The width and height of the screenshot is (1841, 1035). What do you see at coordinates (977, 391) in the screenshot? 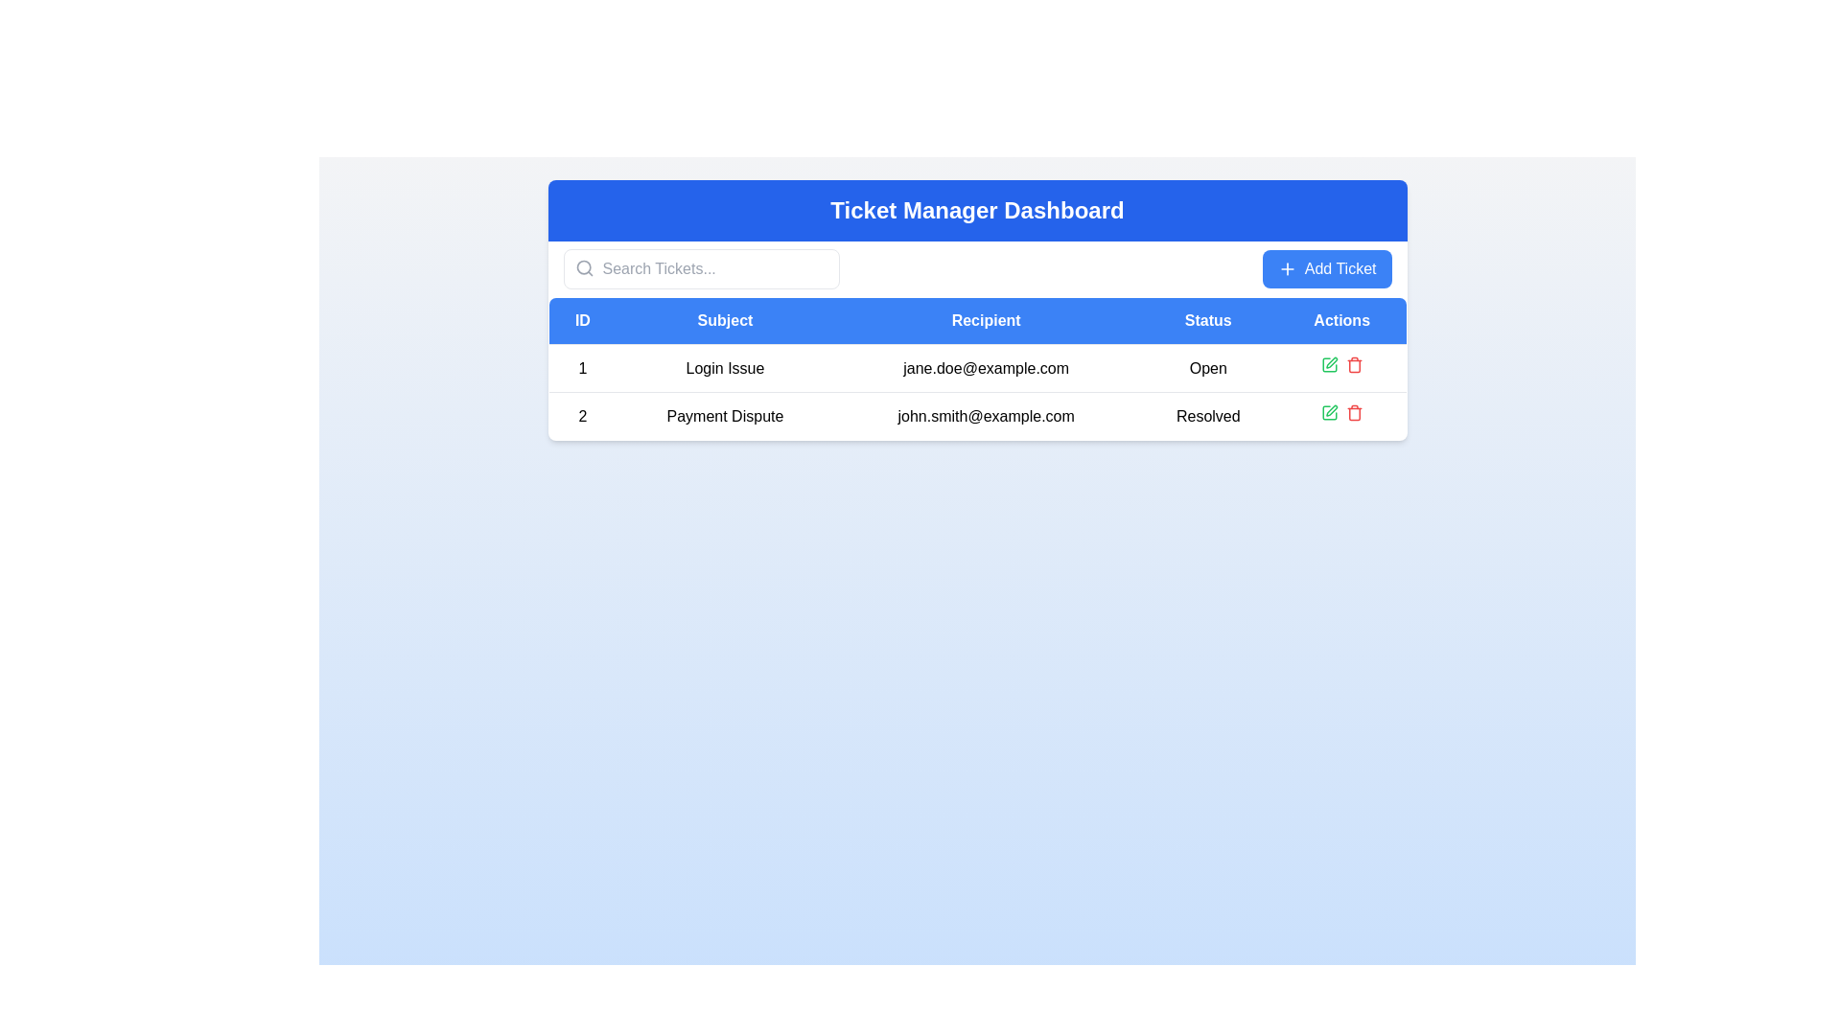
I see `the second row in the data table that displays ticket information, including issue ID, subject, recipient, and status` at bounding box center [977, 391].